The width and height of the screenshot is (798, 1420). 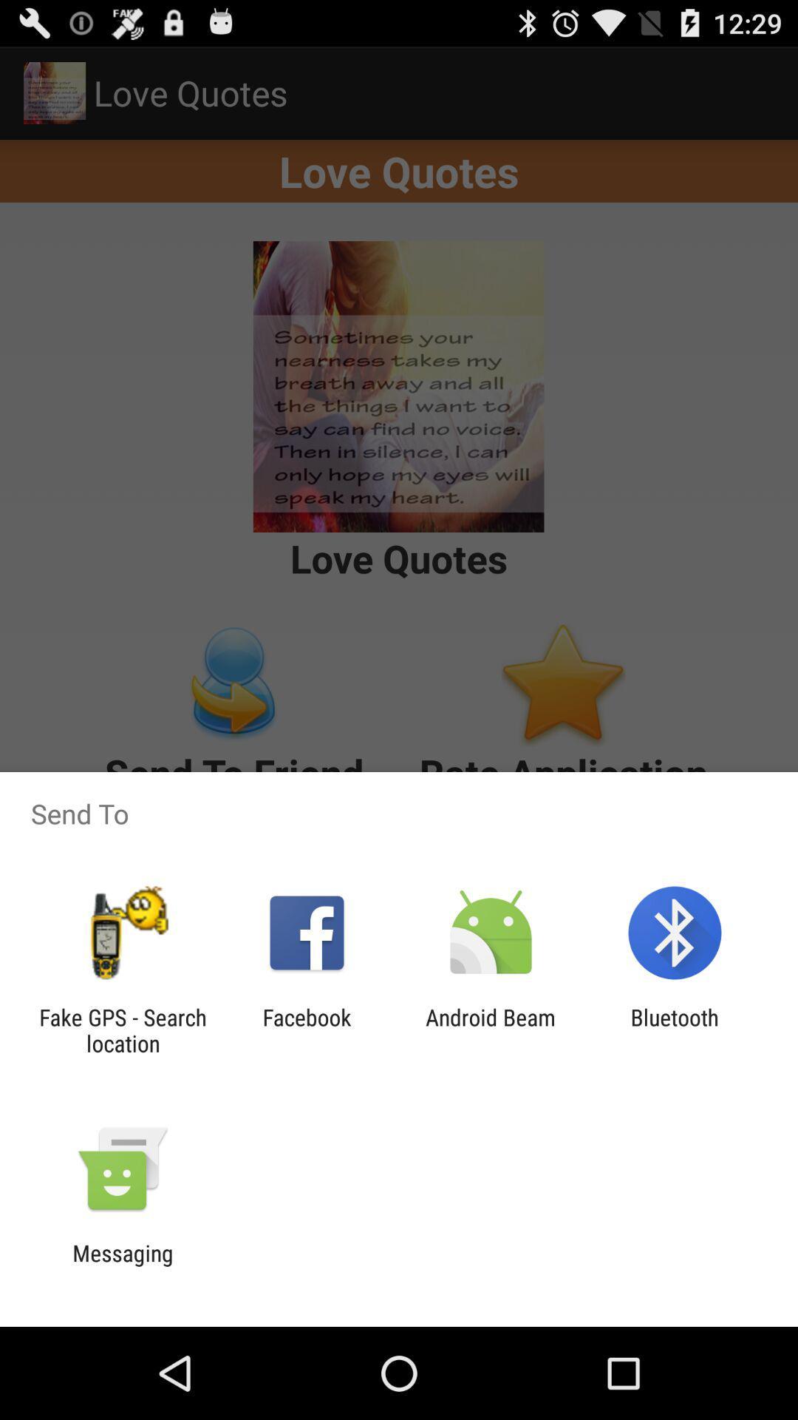 I want to click on the item next to facebook, so click(x=122, y=1029).